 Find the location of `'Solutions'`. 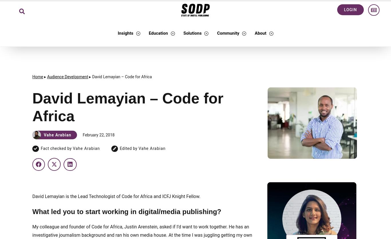

'Solutions' is located at coordinates (192, 33).